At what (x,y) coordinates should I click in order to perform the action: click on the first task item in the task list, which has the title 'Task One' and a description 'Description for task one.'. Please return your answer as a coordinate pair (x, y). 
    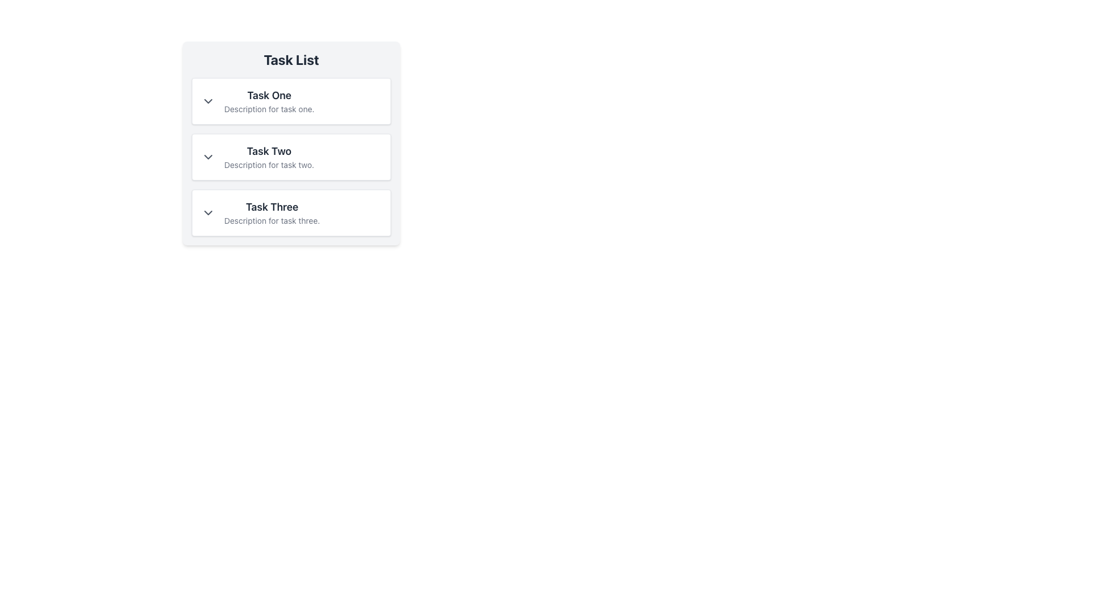
    Looking at the image, I should click on (269, 100).